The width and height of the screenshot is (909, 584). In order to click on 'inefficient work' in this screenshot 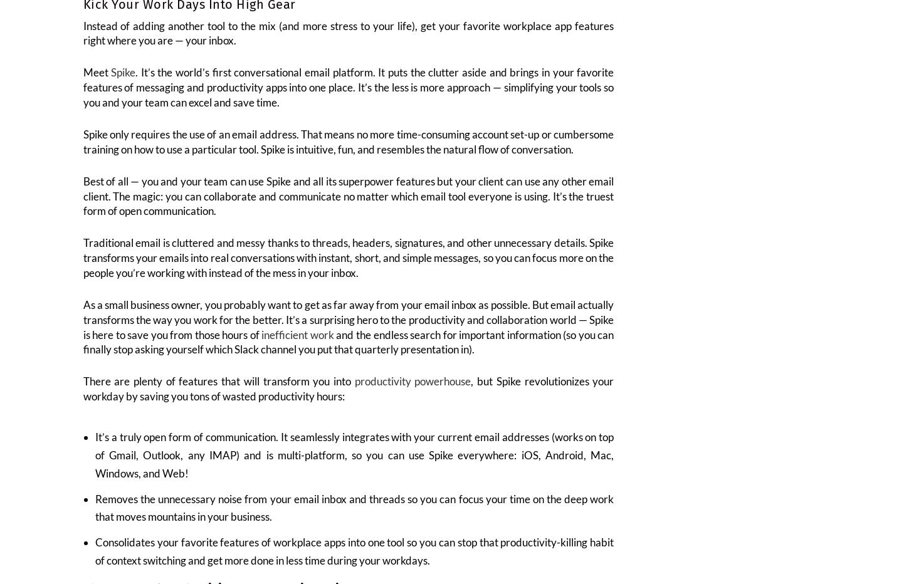, I will do `click(297, 342)`.